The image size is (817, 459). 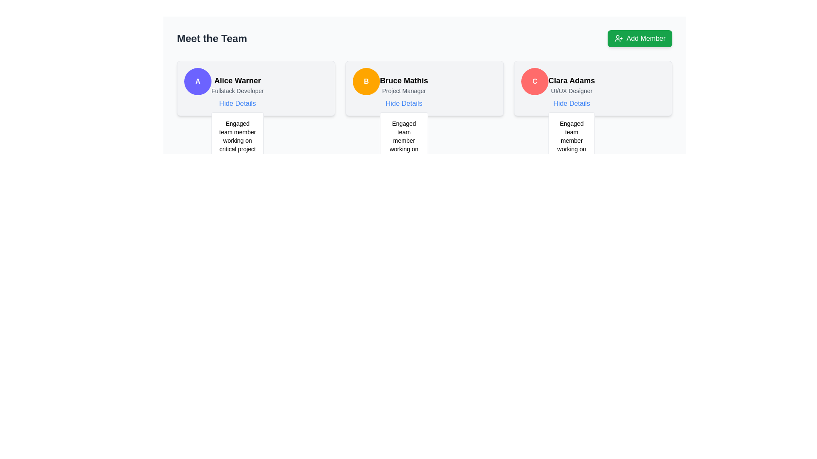 I want to click on content displayed in the text label located below Alice Warner's card in the 'Meet the Team' panel, so click(x=237, y=149).